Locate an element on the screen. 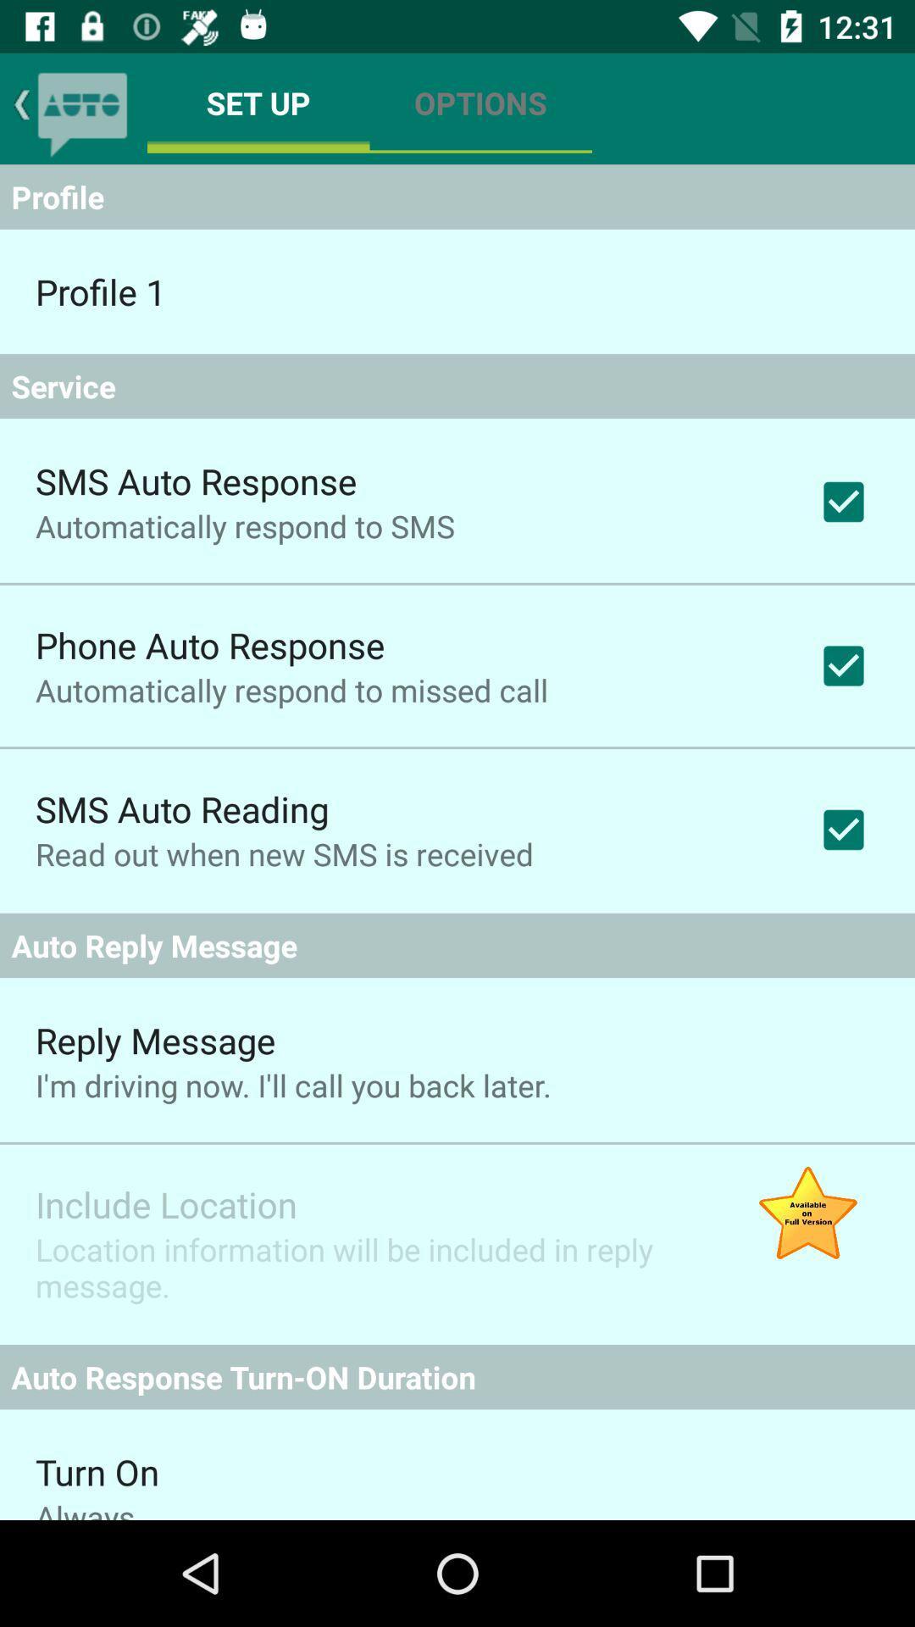 Image resolution: width=915 pixels, height=1627 pixels. the icon below reply message is located at coordinates (292, 1086).